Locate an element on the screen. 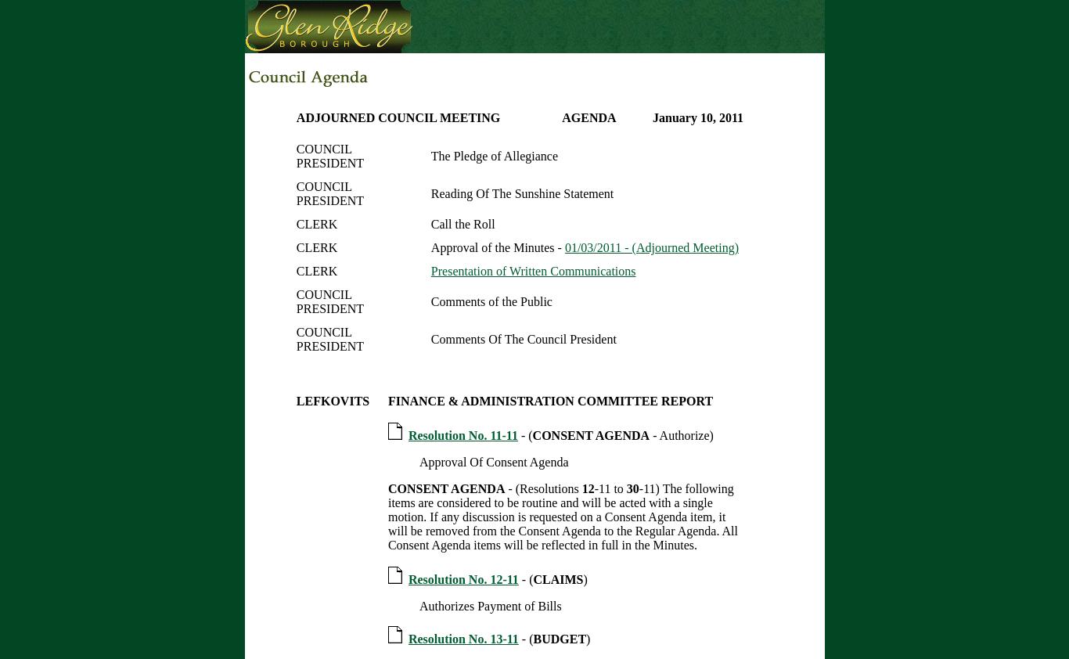 Image resolution: width=1069 pixels, height=659 pixels. '01/03/2011 - (Adjourned Meeting)' is located at coordinates (650, 247).